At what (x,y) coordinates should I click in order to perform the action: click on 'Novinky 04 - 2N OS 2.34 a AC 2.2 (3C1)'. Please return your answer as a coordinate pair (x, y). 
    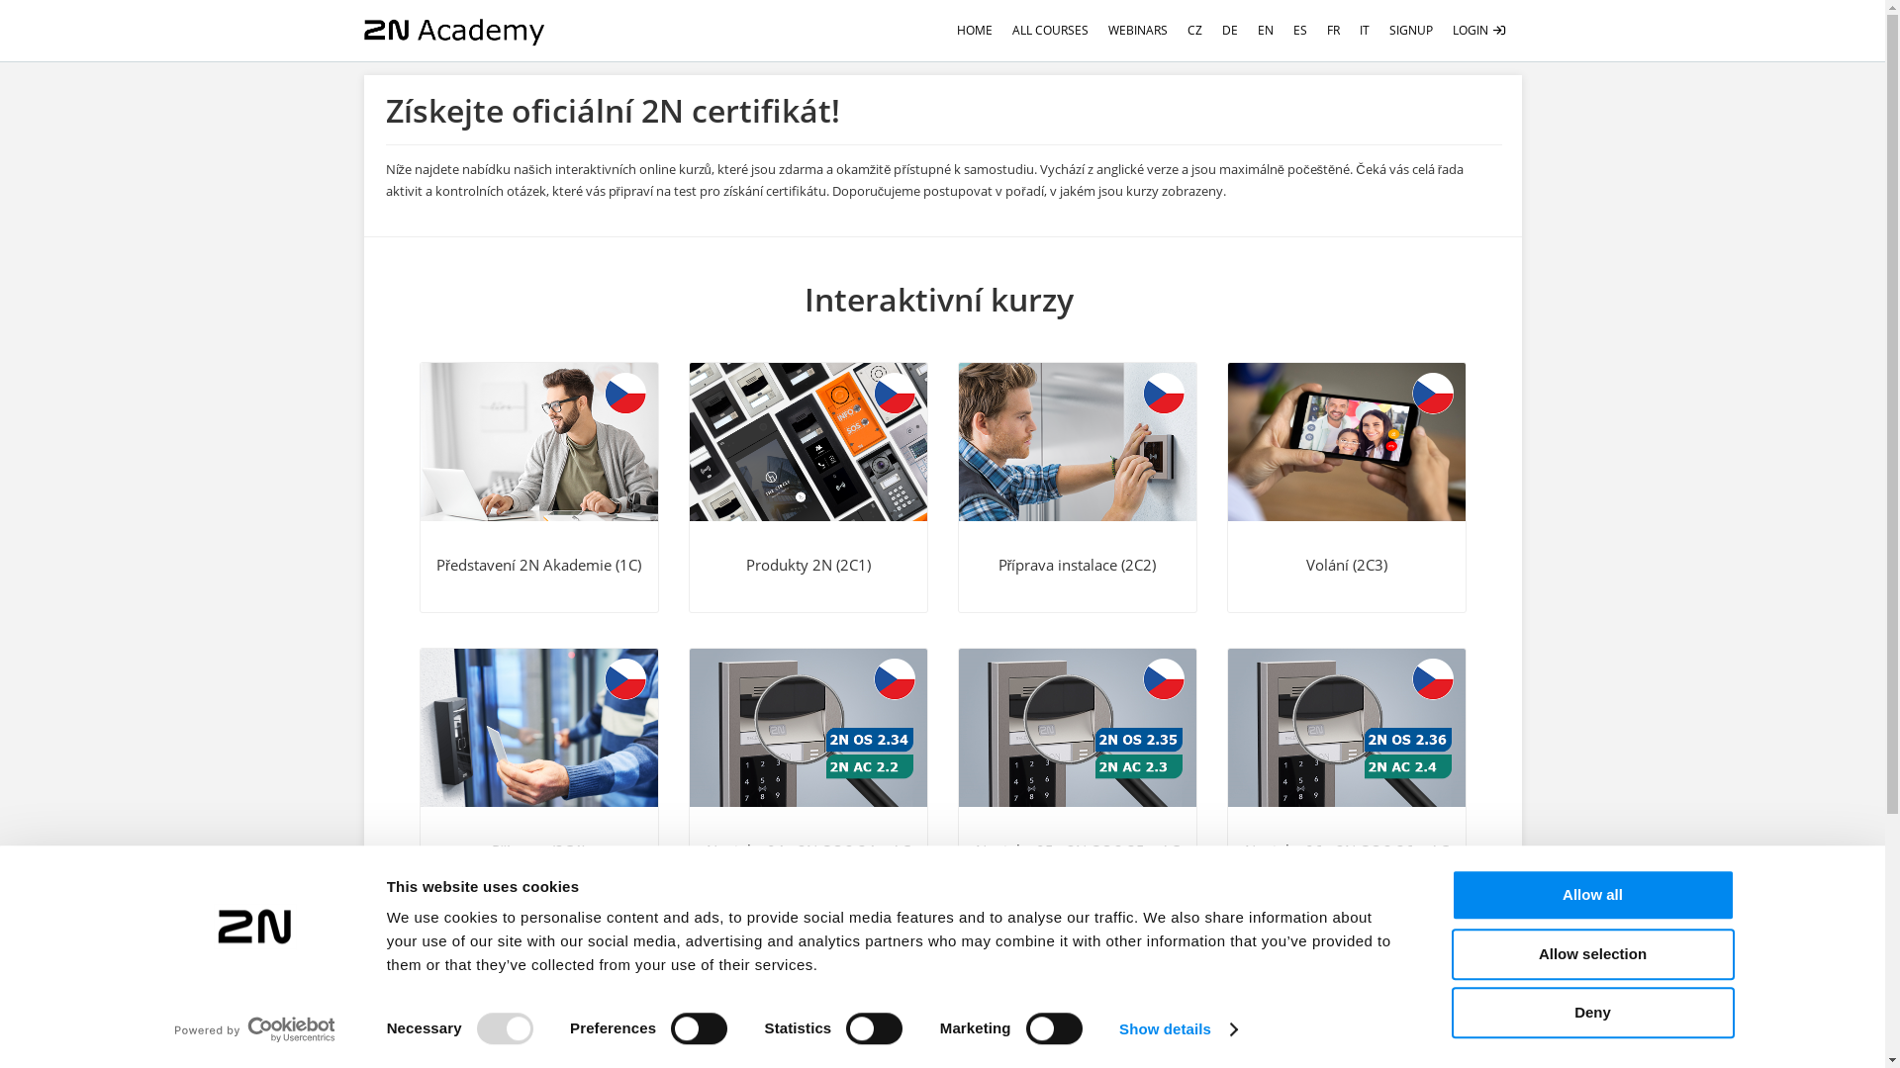
    Looking at the image, I should click on (807, 728).